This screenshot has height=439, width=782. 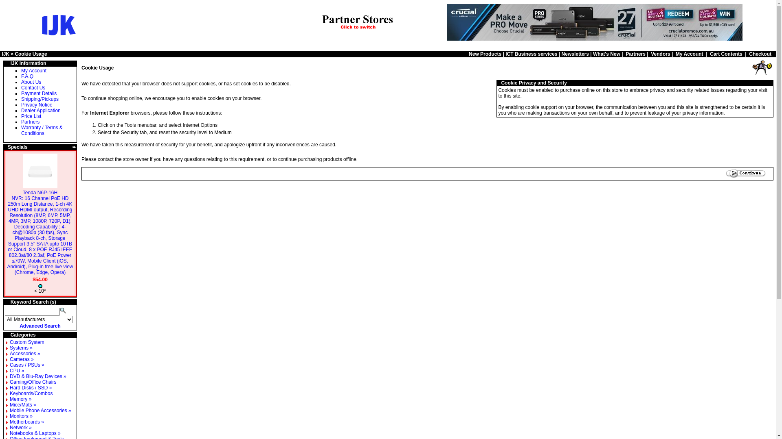 What do you see at coordinates (33, 382) in the screenshot?
I see `'Gaming/Office Chairs'` at bounding box center [33, 382].